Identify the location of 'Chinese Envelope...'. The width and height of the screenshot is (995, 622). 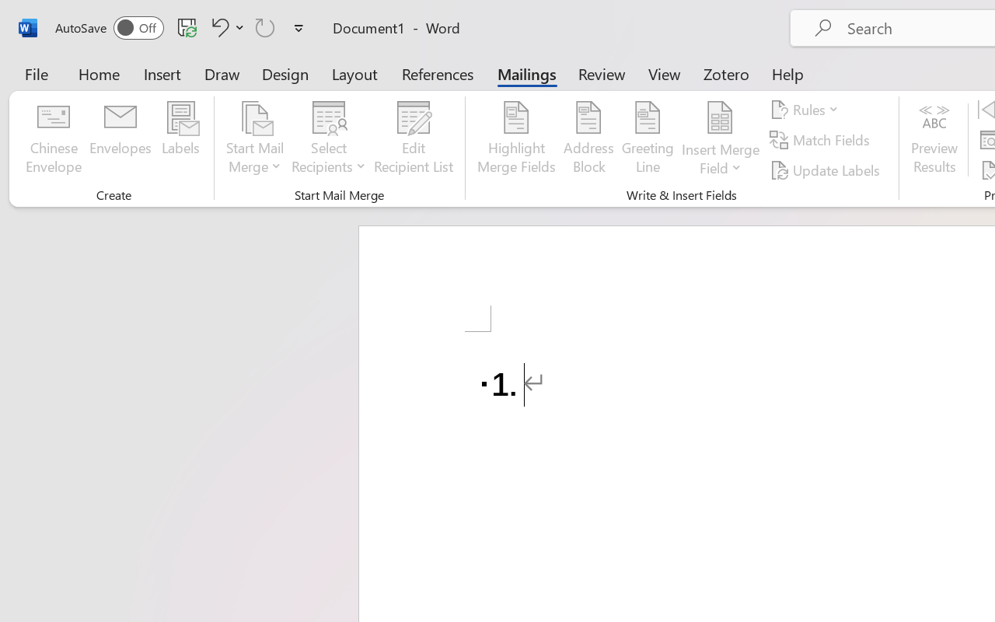
(54, 139).